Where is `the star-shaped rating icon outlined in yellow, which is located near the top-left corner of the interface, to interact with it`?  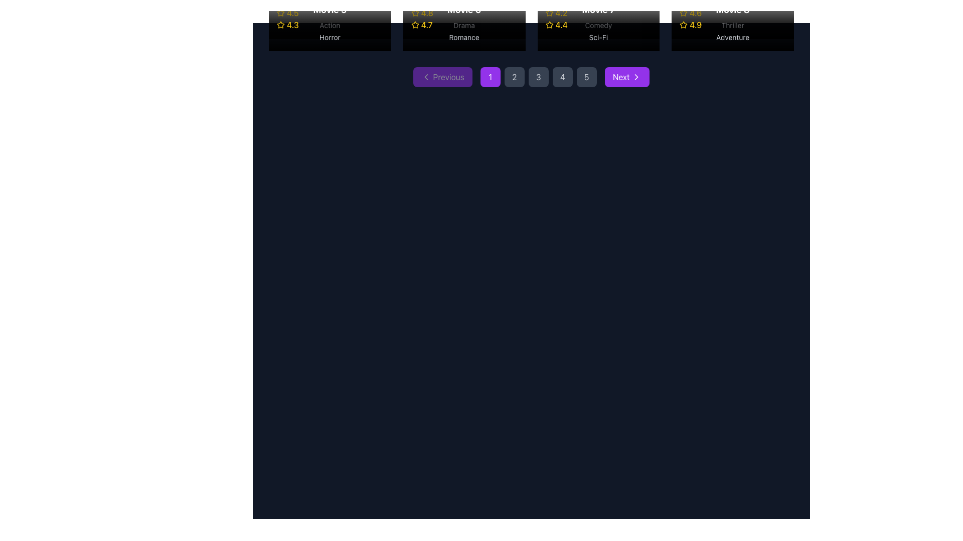 the star-shaped rating icon outlined in yellow, which is located near the top-left corner of the interface, to interact with it is located at coordinates (281, 24).